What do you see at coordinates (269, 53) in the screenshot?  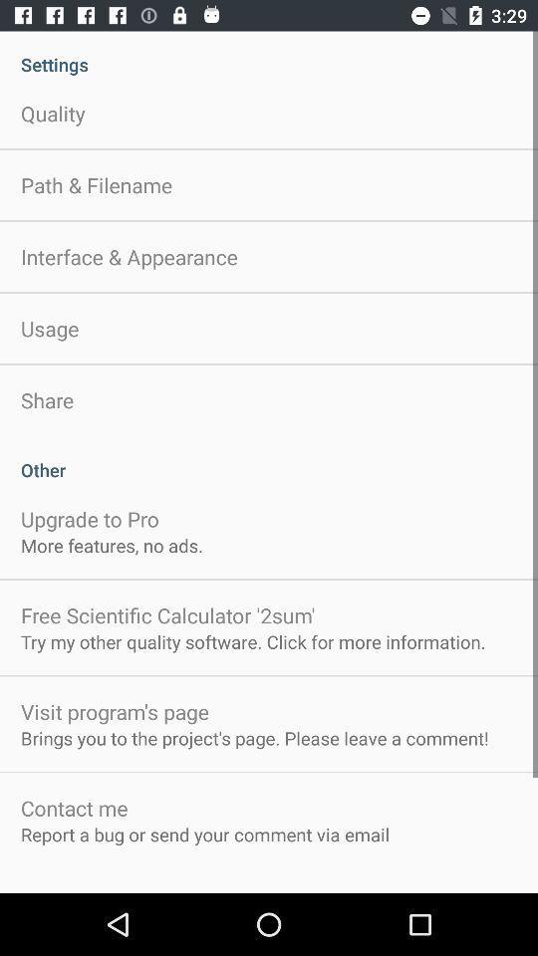 I see `settings item` at bounding box center [269, 53].